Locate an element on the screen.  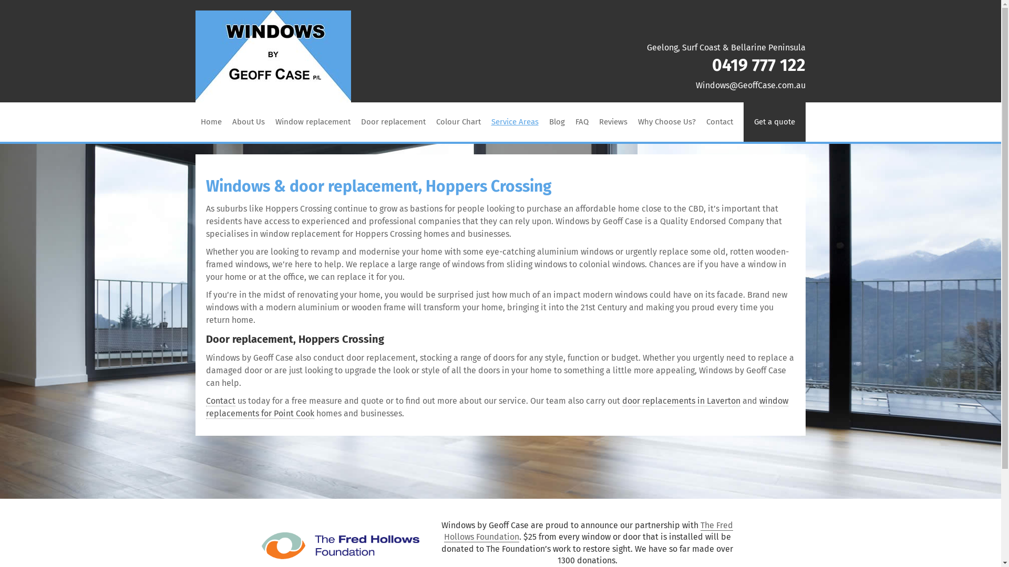
'0419 777 122' is located at coordinates (759, 65).